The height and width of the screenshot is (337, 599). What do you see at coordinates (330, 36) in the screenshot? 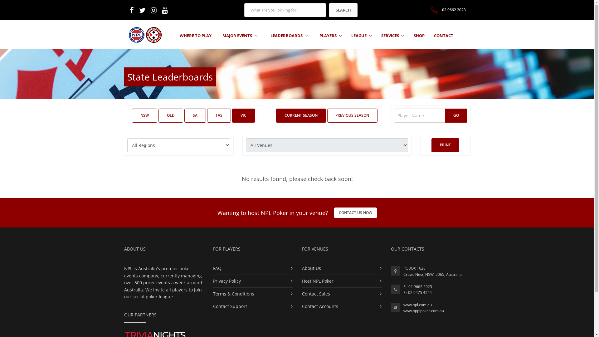
I see `'PLAYERS'` at bounding box center [330, 36].